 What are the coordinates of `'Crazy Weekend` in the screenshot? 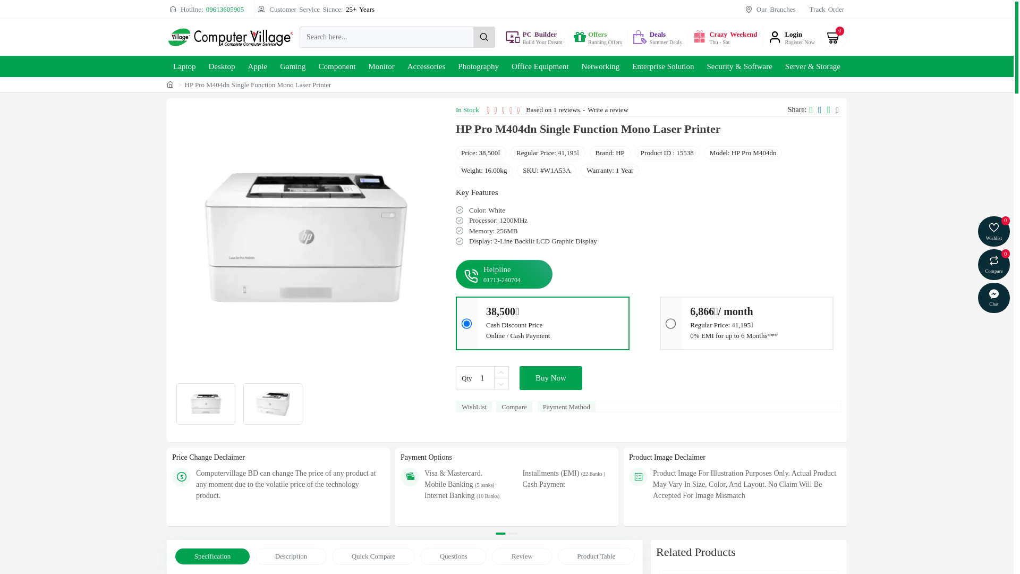 It's located at (724, 36).